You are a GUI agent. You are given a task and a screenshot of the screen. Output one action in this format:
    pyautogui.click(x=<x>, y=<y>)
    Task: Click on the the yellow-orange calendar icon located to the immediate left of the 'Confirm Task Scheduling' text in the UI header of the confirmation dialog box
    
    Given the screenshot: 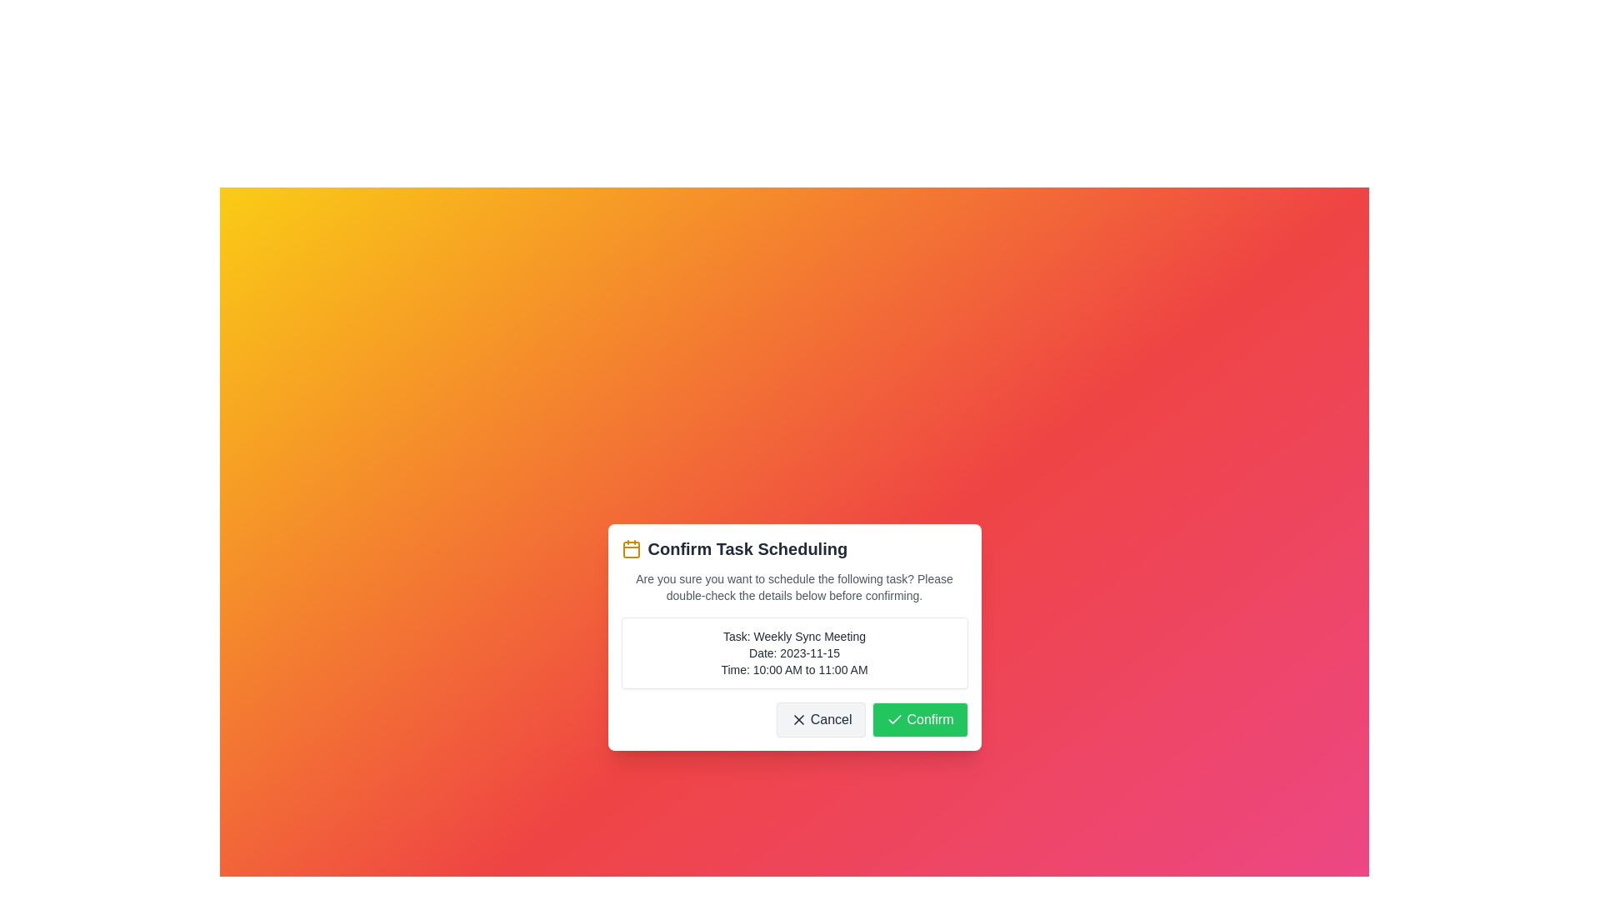 What is the action you would take?
    pyautogui.click(x=630, y=549)
    